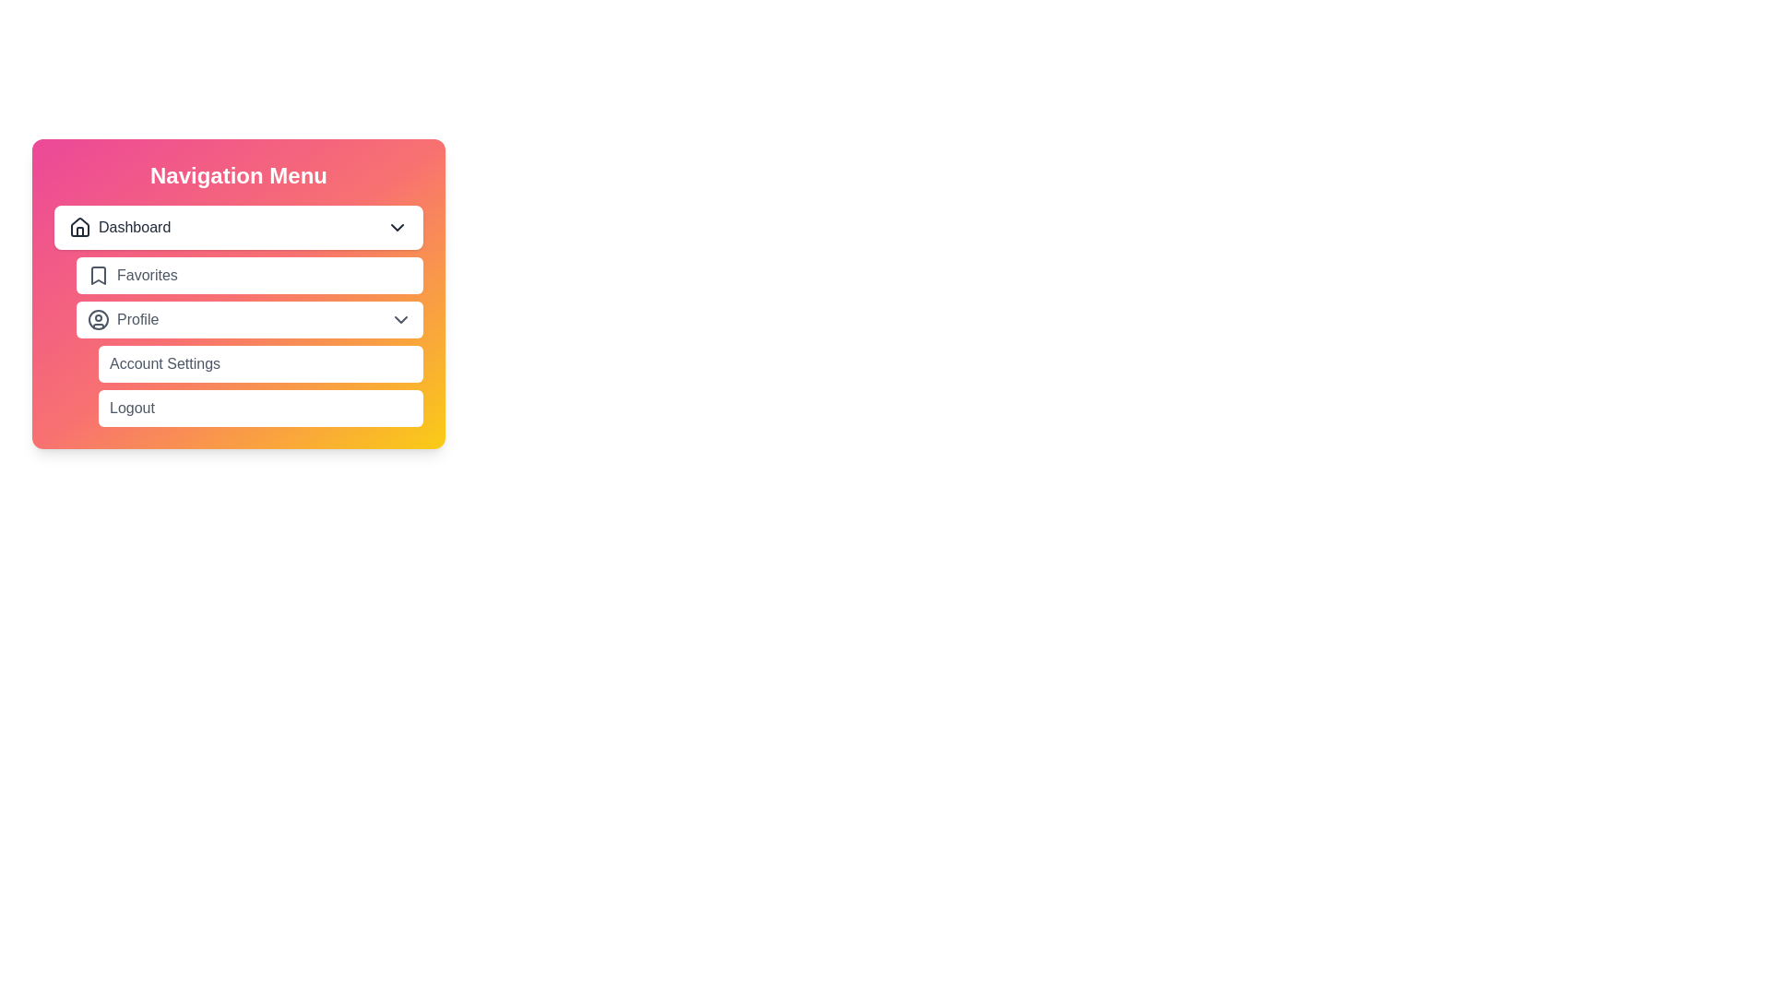  What do you see at coordinates (260, 408) in the screenshot?
I see `the 'Logout' button, which is a rectangular button with rounded corners and a white background, located below the 'Account Settings' button in the vertical navigation menu` at bounding box center [260, 408].